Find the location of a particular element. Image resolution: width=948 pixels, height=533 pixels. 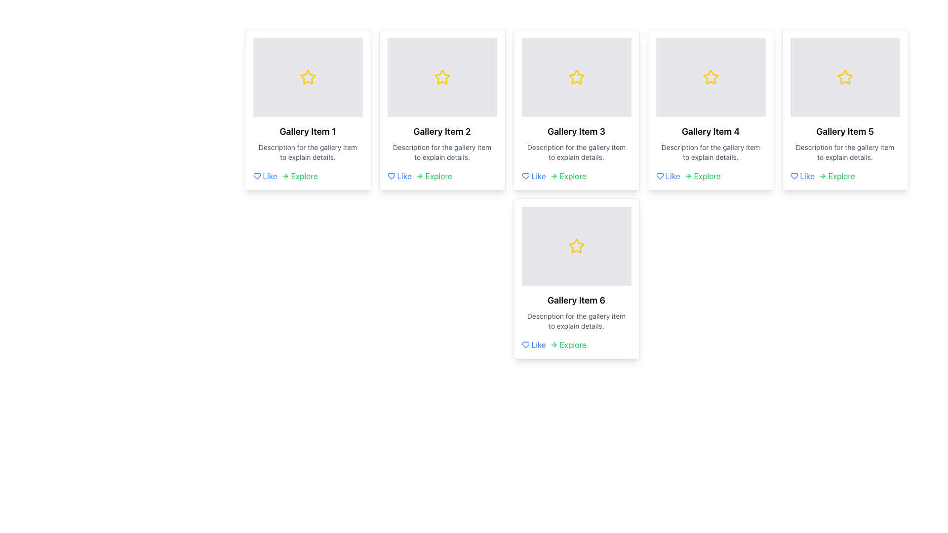

the star icon in the upper section of the 'Gallery Item 1' card to indicate a rating or selection is located at coordinates (307, 77).